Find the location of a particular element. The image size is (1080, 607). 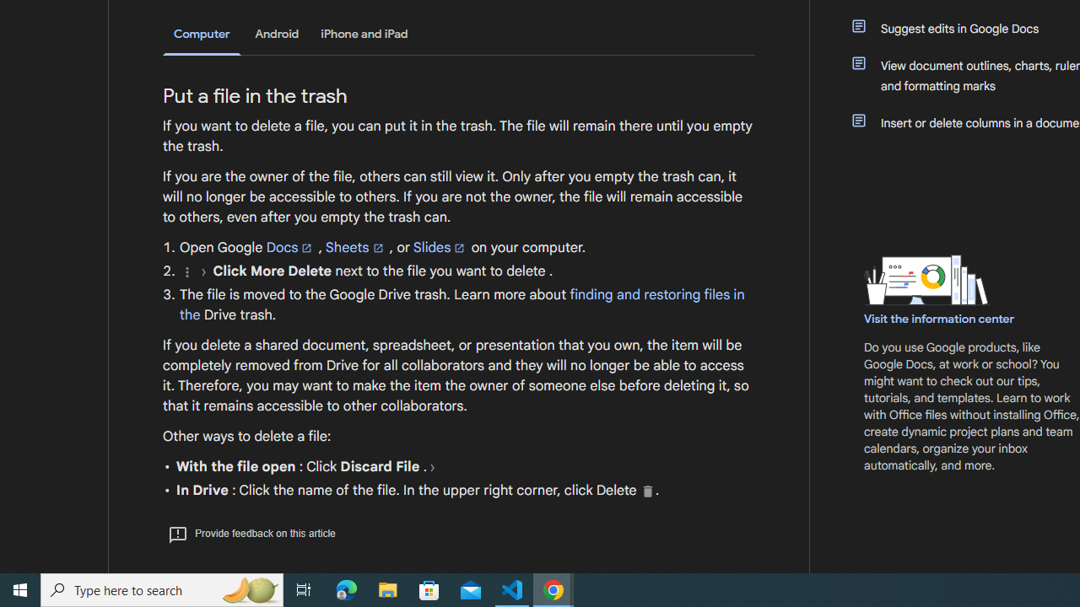

'More' is located at coordinates (186, 271).